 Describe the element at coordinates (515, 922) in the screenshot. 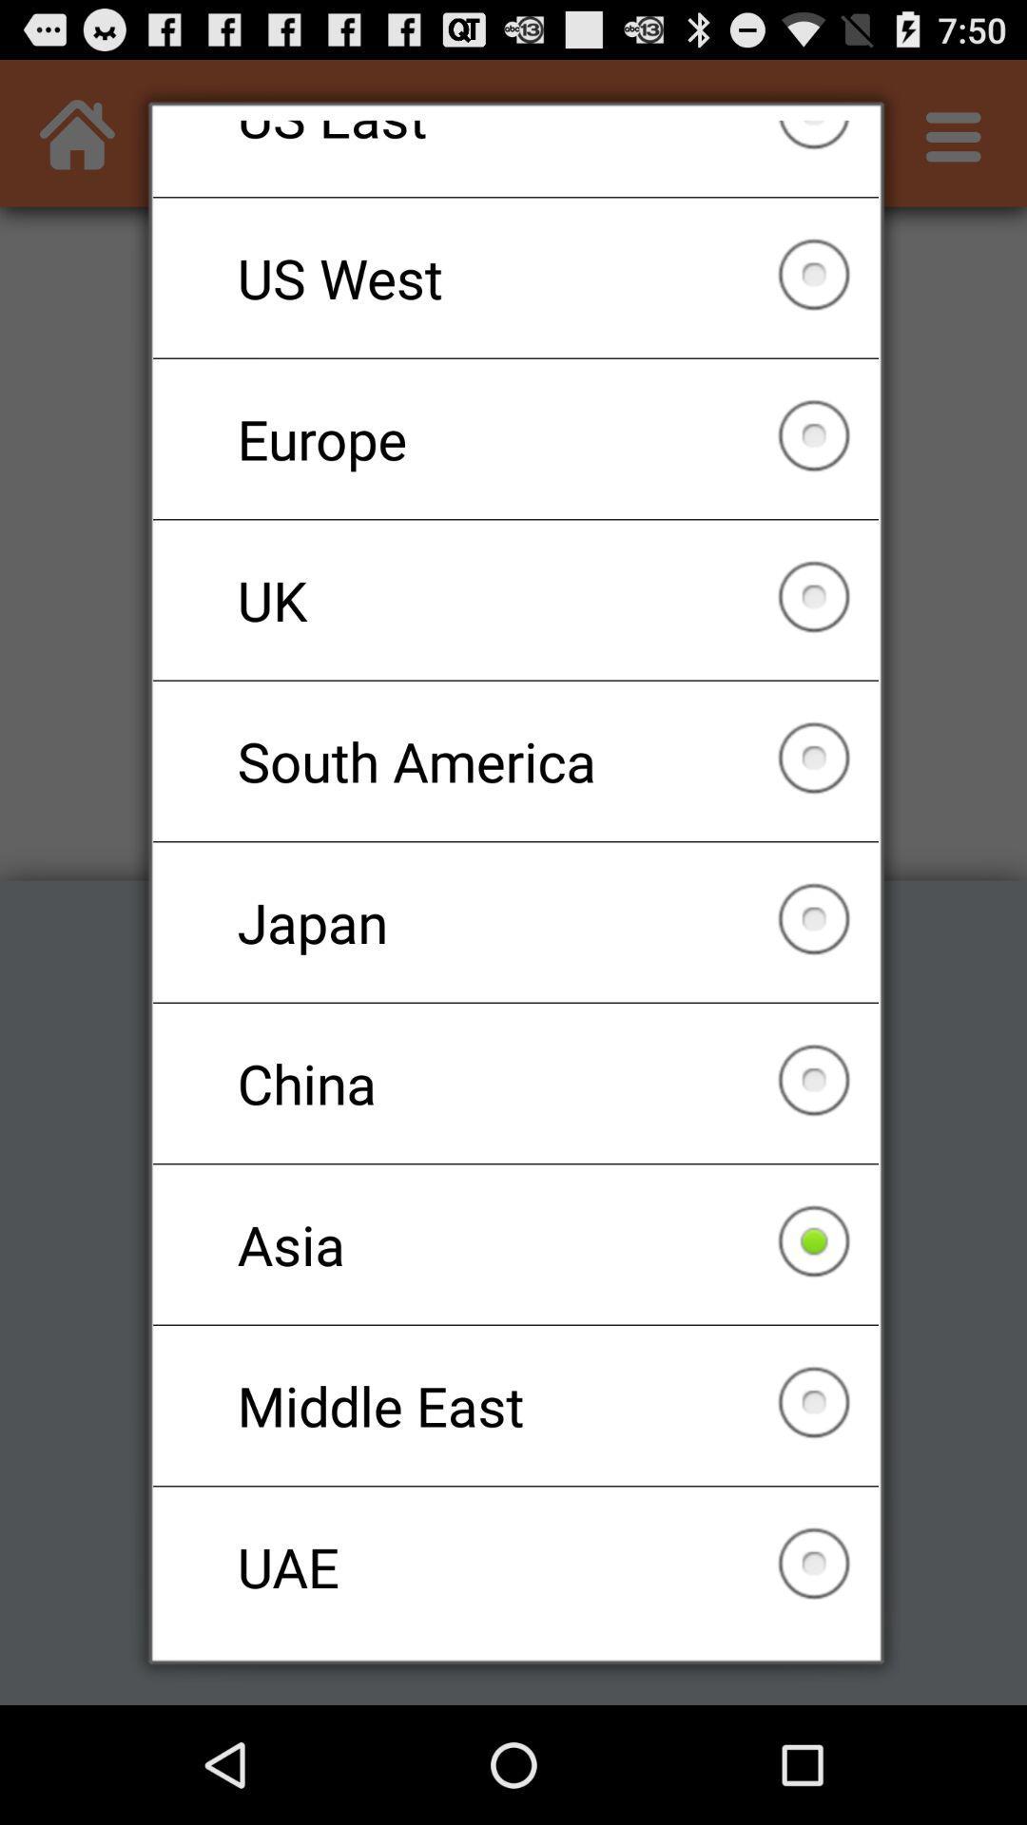

I see `checkbox below the     south america checkbox` at that location.